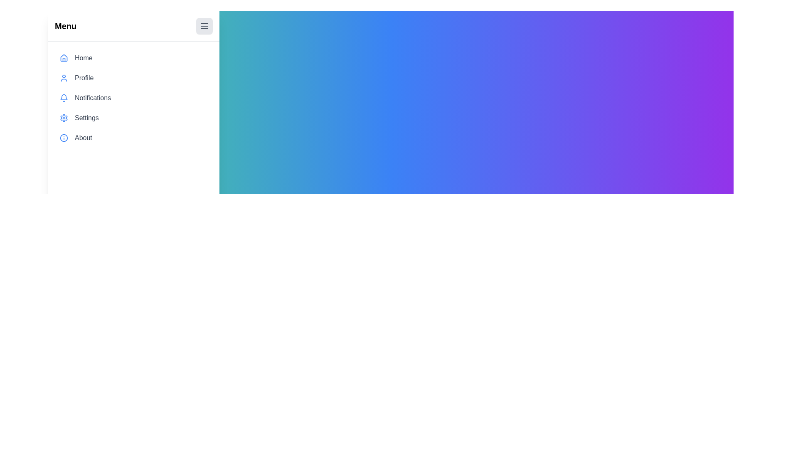 Image resolution: width=798 pixels, height=449 pixels. What do you see at coordinates (134, 118) in the screenshot?
I see `the menu item Settings` at bounding box center [134, 118].